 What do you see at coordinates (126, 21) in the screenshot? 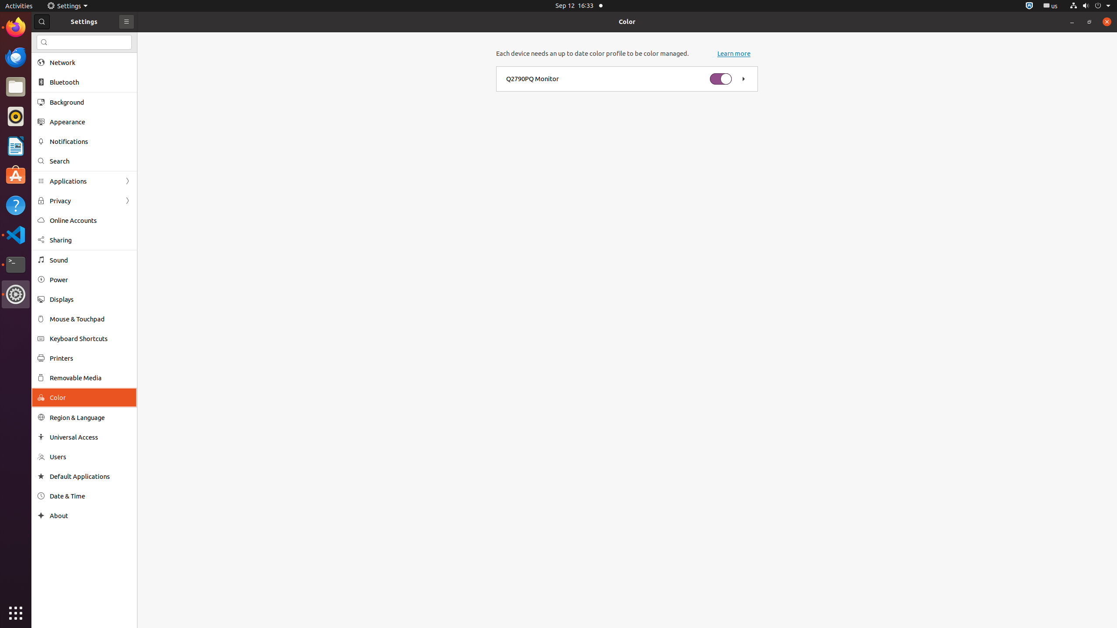
I see `'Primary Menu'` at bounding box center [126, 21].